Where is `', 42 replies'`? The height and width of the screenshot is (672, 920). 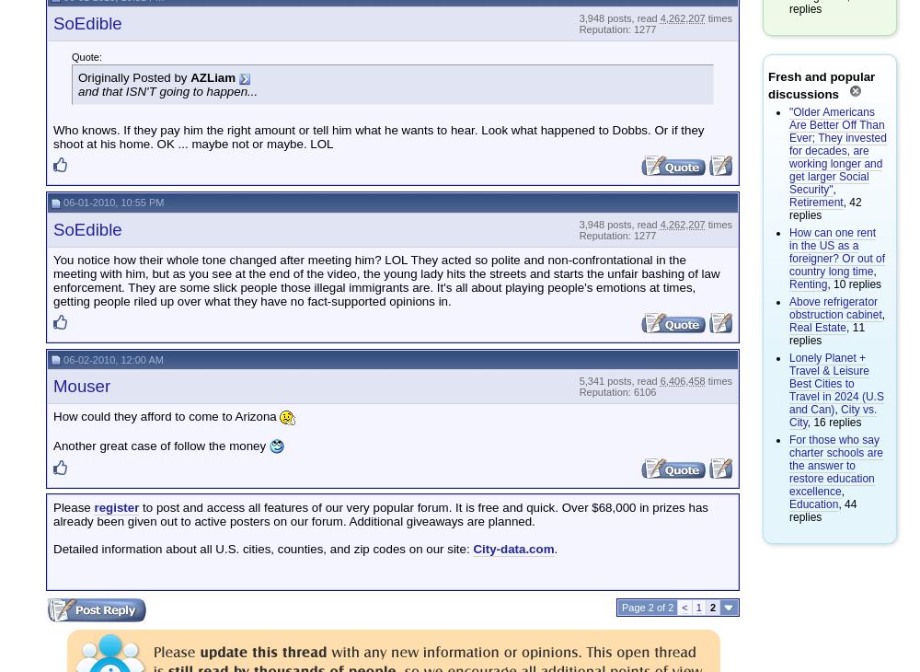 ', 42 replies' is located at coordinates (825, 209).